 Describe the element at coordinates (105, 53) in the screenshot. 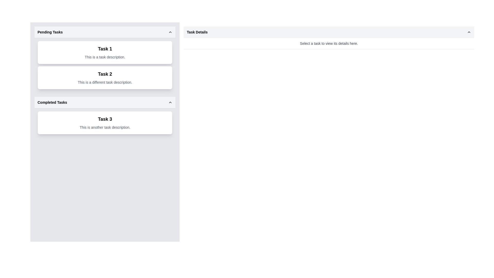

I see `the first task card in the 'Pending Tasks' section, which contains the title 'Task 1' and a description below it` at that location.